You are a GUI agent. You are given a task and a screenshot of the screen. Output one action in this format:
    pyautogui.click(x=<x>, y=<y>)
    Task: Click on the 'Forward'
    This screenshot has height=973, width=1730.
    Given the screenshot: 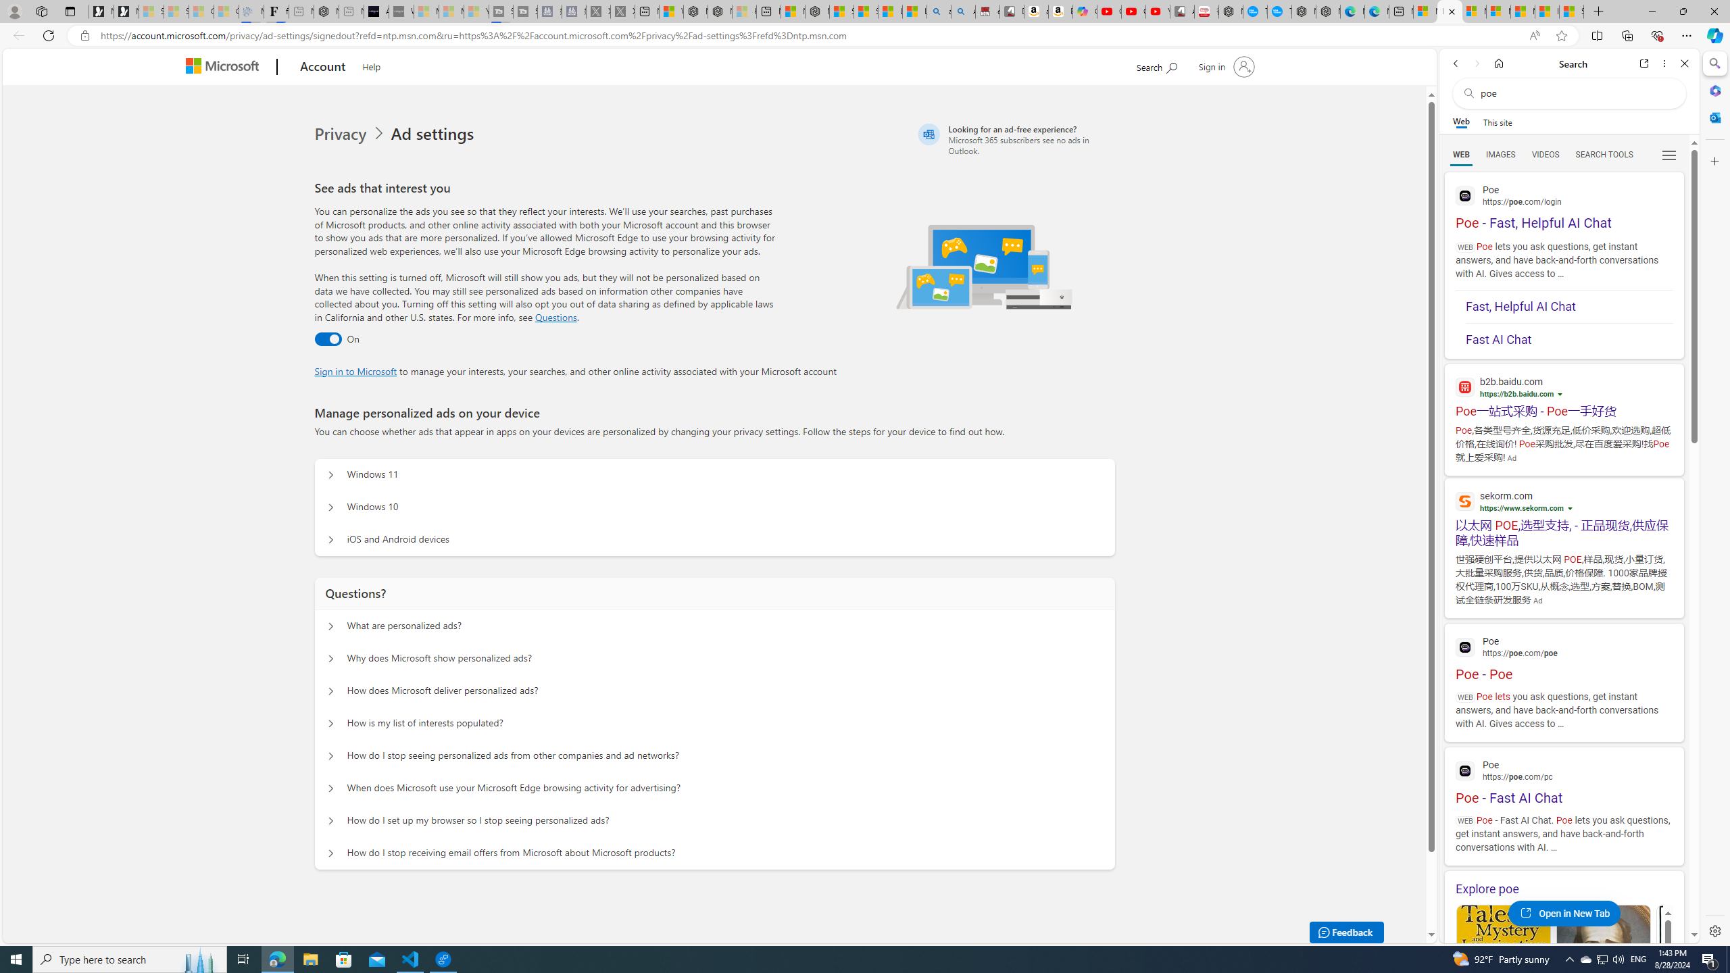 What is the action you would take?
    pyautogui.click(x=1476, y=63)
    